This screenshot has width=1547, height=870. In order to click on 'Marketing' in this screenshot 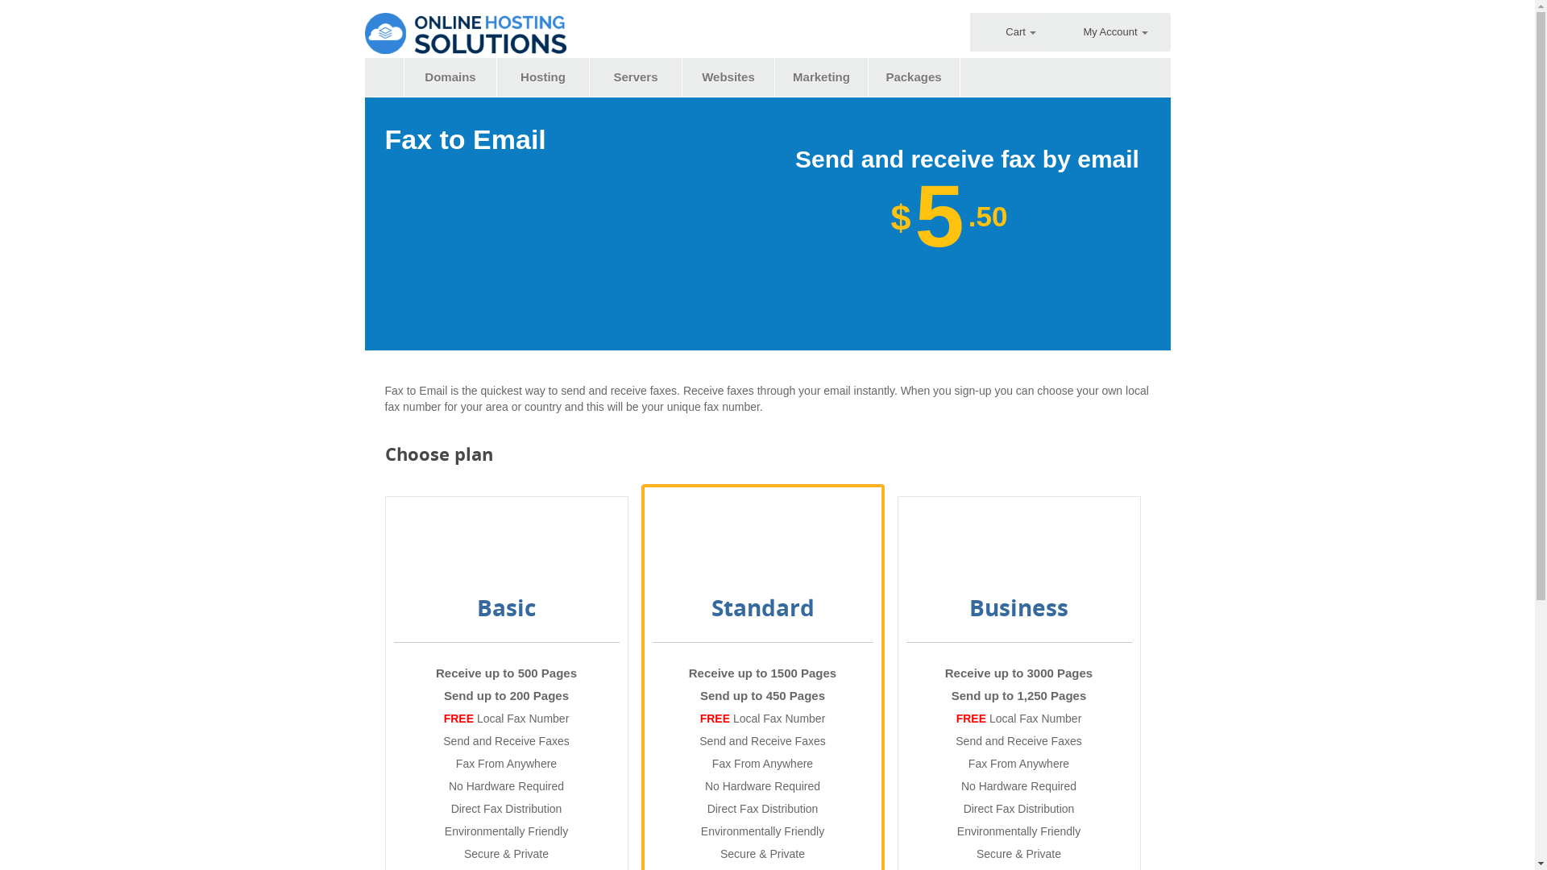, I will do `click(821, 77)`.